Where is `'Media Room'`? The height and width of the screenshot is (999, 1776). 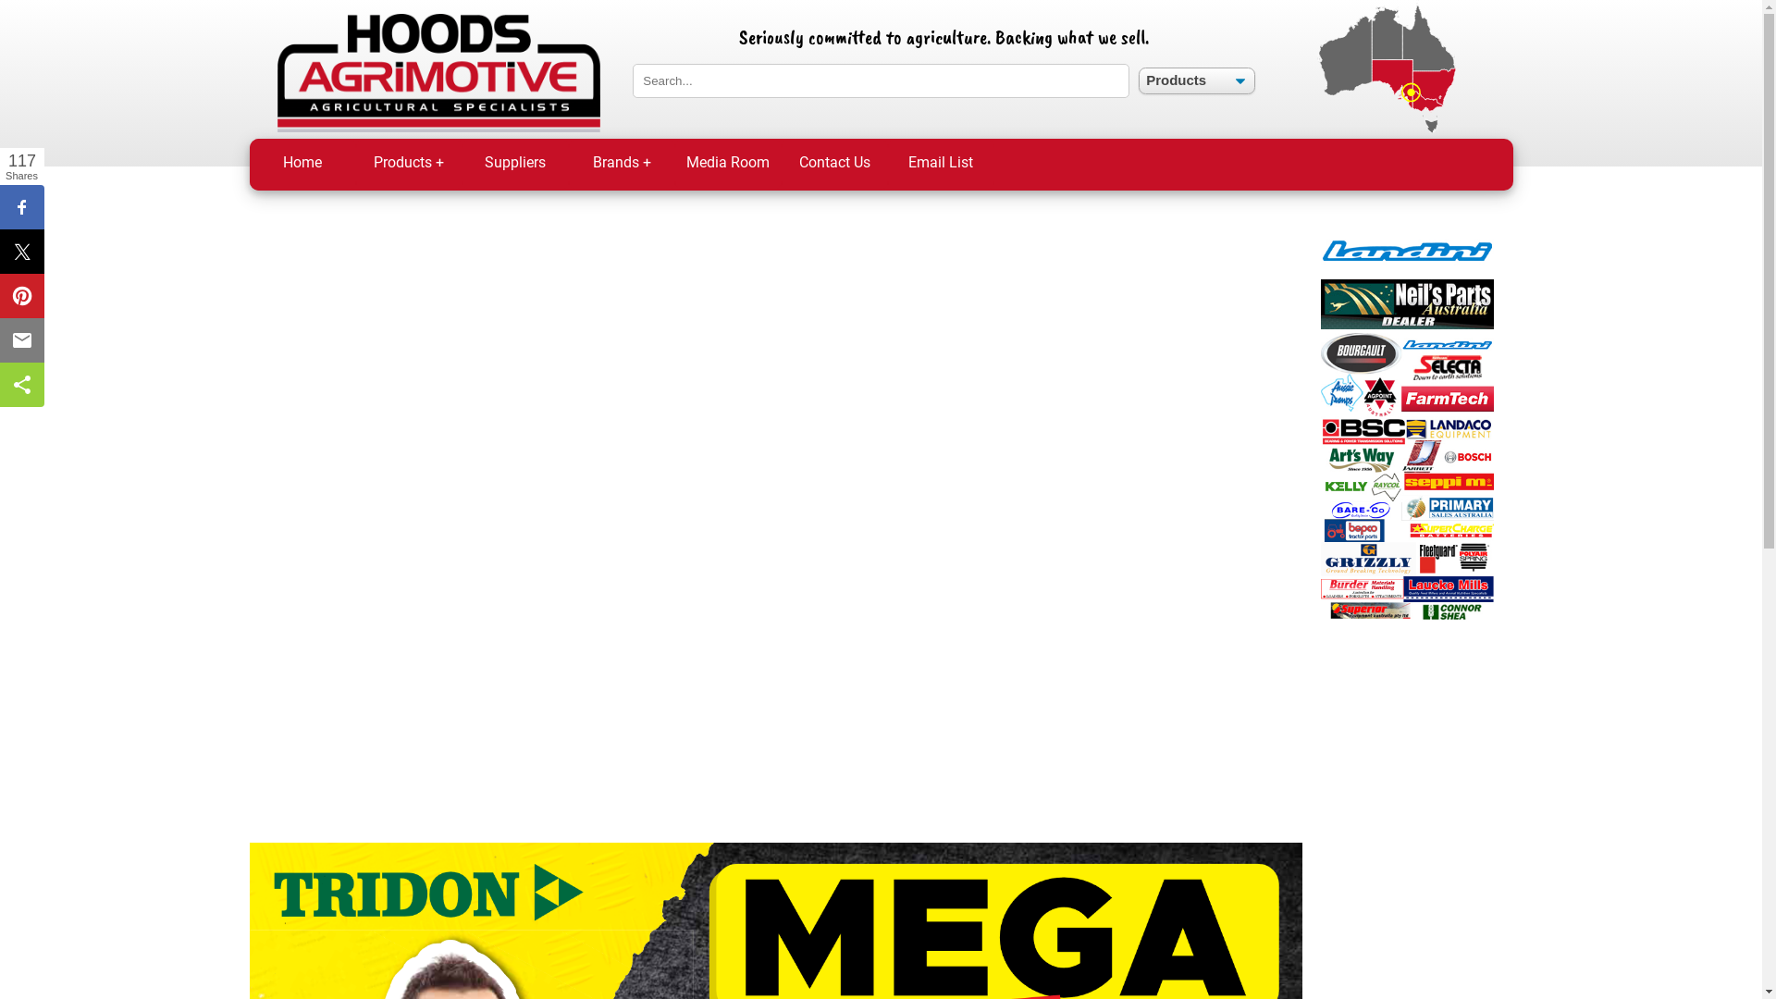
'Media Room' is located at coordinates (727, 163).